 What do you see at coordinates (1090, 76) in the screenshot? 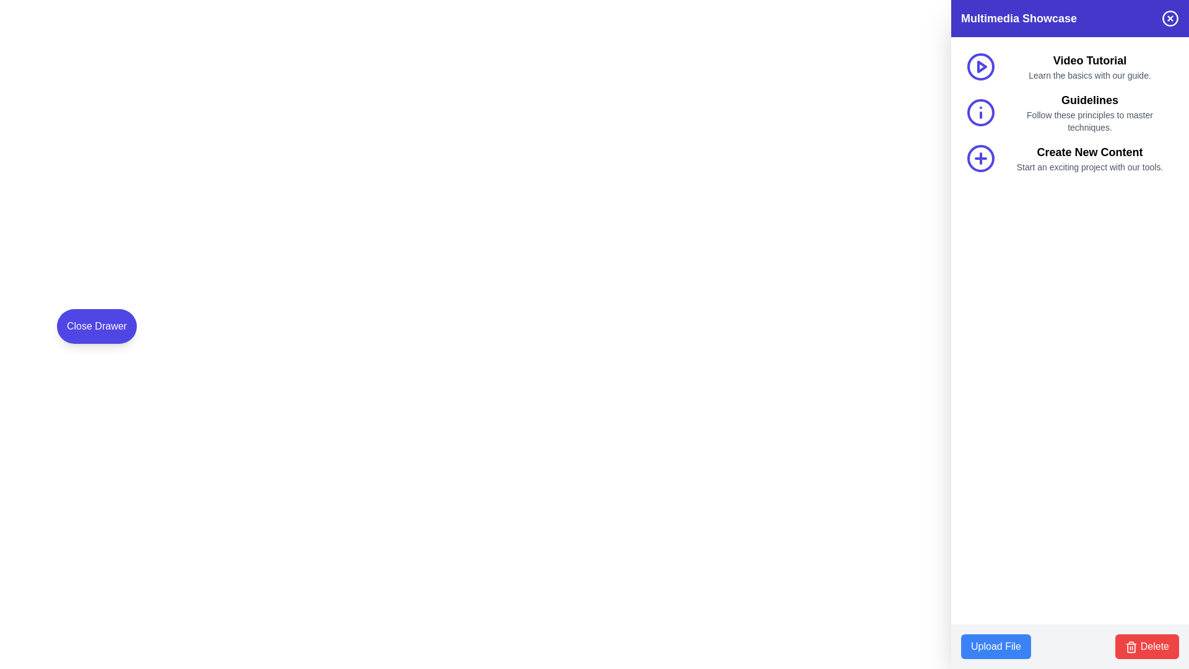
I see `the Static Text element that reads 'Learn the basics with our guide.', located directly below the 'Video Tutorial' header in the Multimedia Showcase panel` at bounding box center [1090, 76].